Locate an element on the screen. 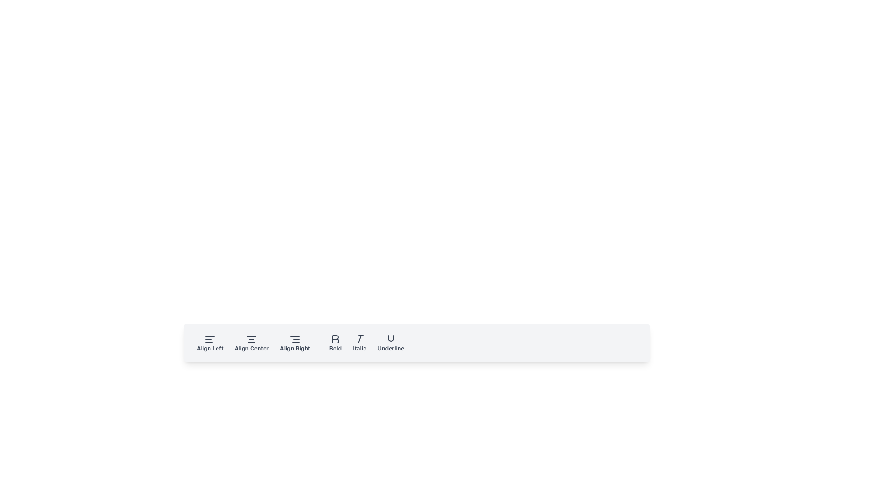 The image size is (896, 504). the 'Align Right' button in the toolbar is located at coordinates (294, 349).